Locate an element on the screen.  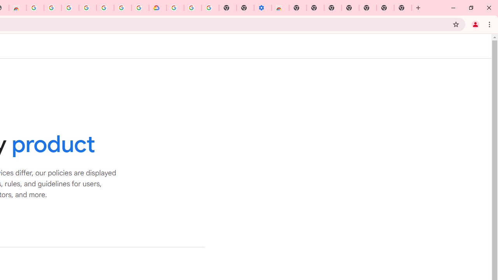
'Chrome Web Store - Household' is located at coordinates (18, 8).